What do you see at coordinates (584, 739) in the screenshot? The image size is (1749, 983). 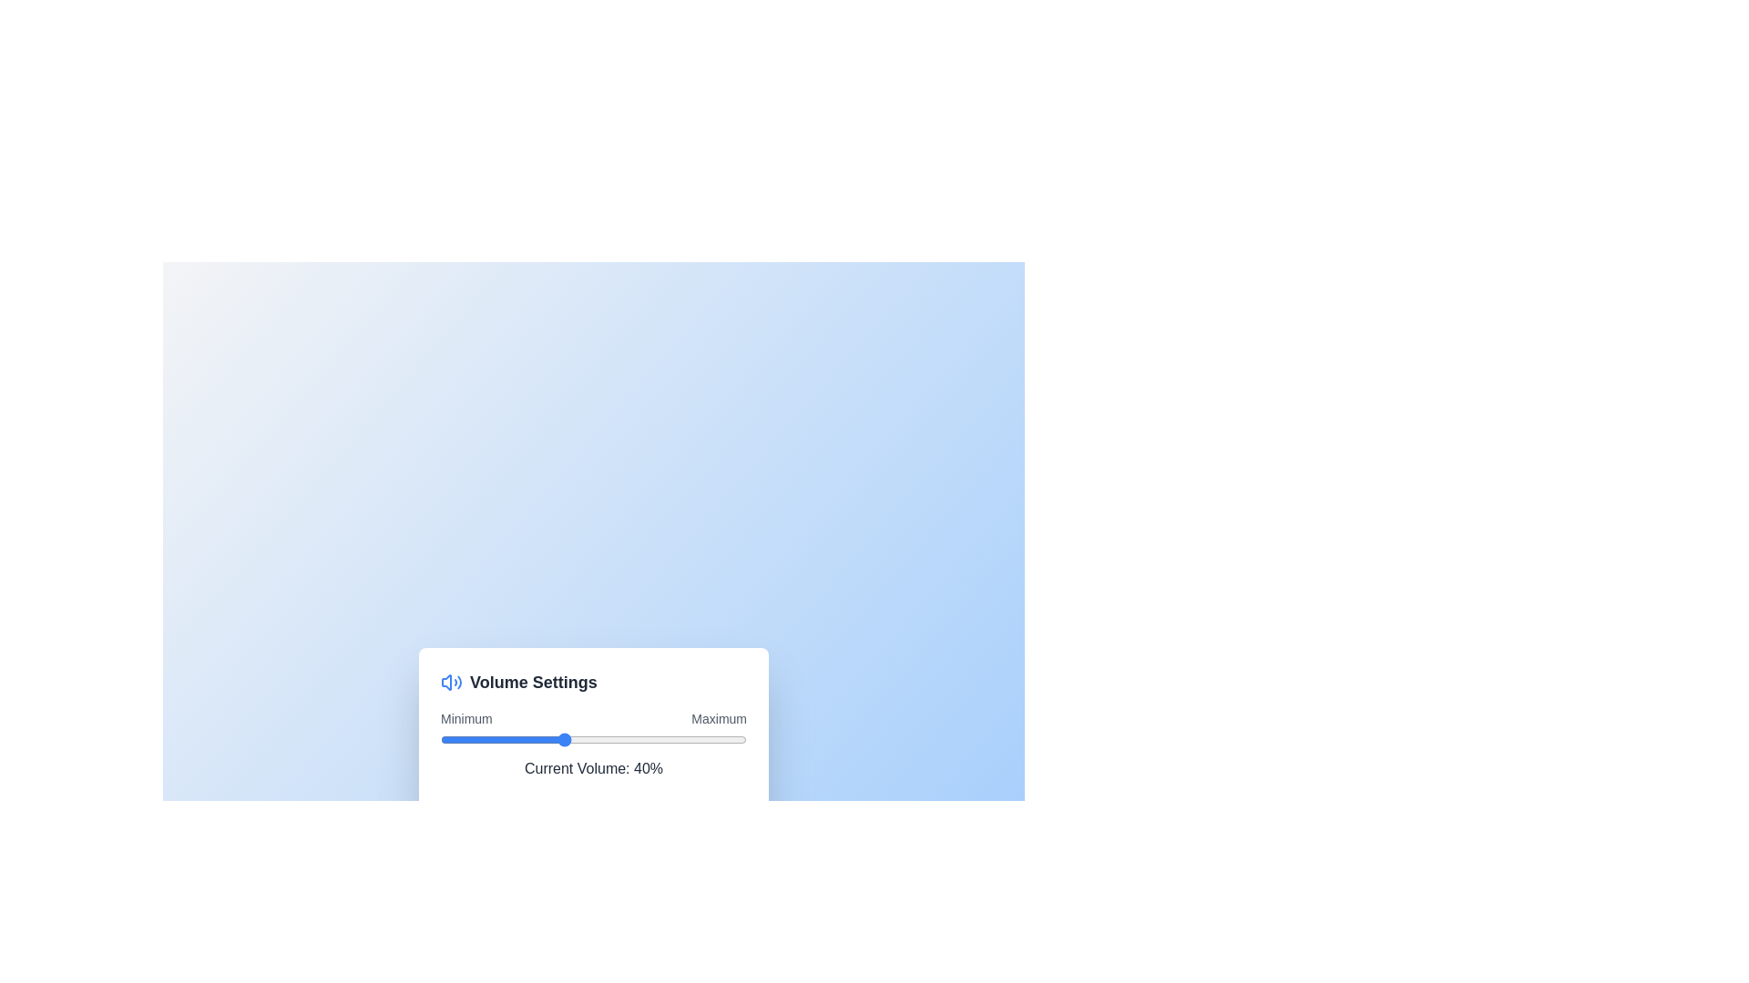 I see `the volume slider to 47%` at bounding box center [584, 739].